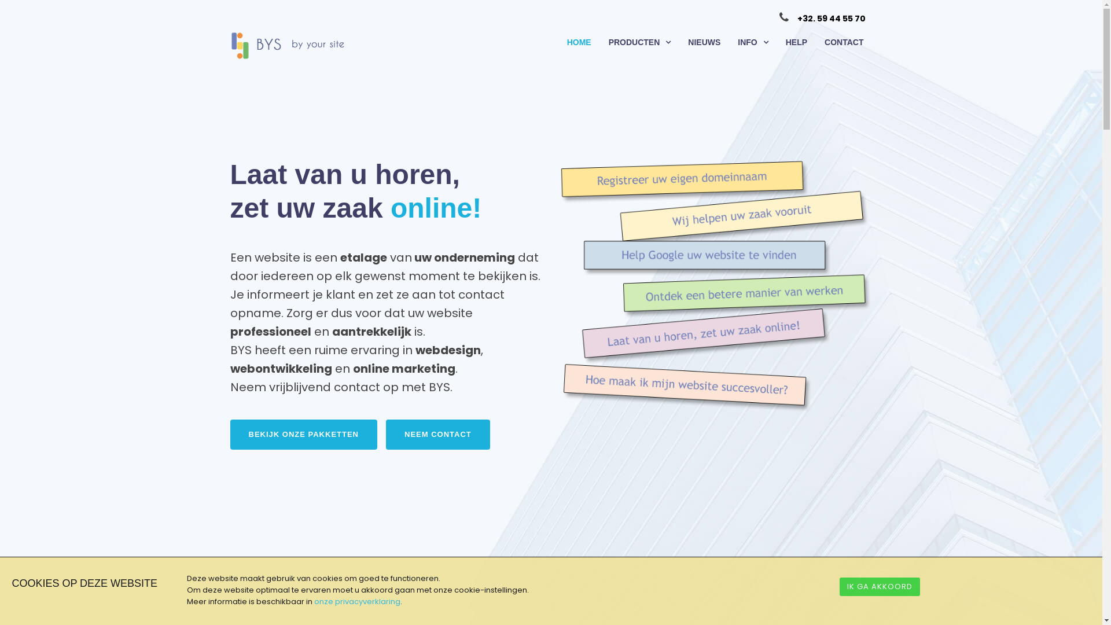 This screenshot has width=1111, height=625. What do you see at coordinates (437, 435) in the screenshot?
I see `'NEEM CONTACT'` at bounding box center [437, 435].